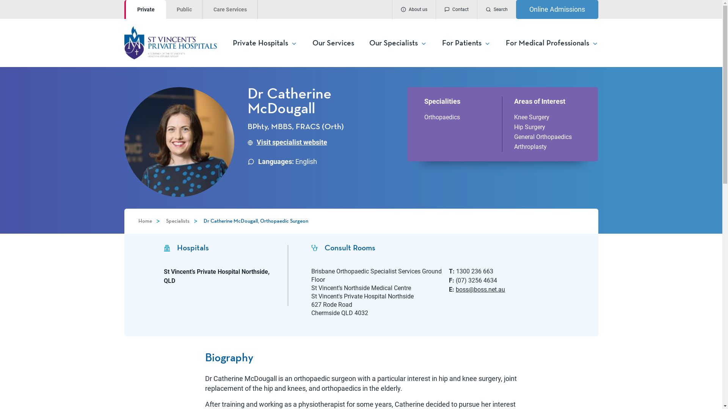 This screenshot has height=409, width=728. Describe the element at coordinates (177, 221) in the screenshot. I see `'Specialists'` at that location.